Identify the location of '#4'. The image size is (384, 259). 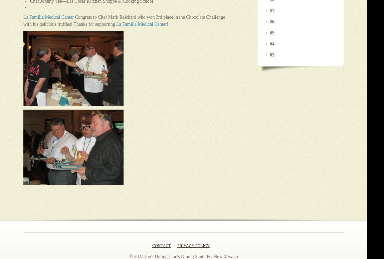
(269, 43).